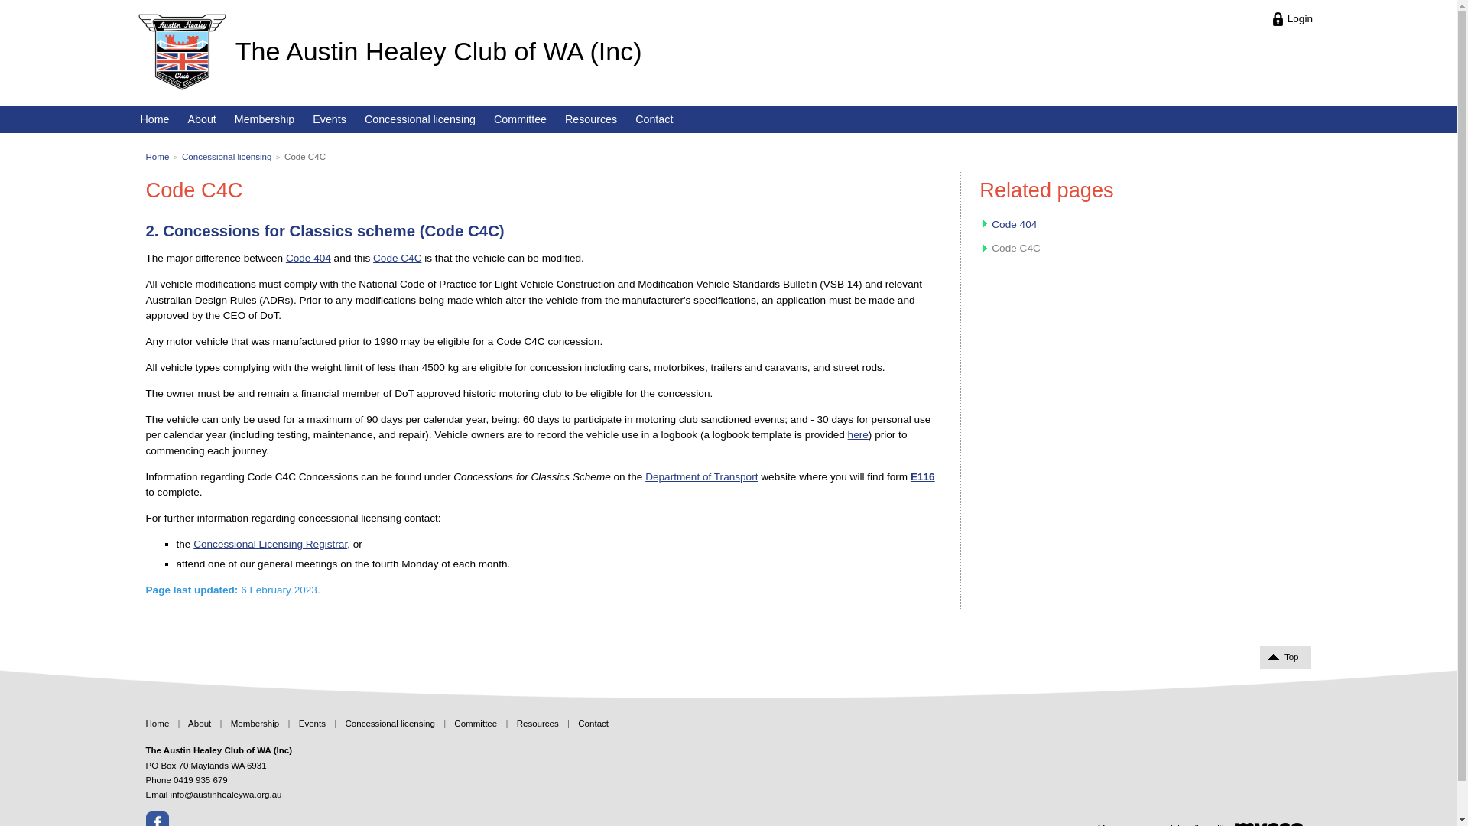  I want to click on 'Department of Transport', so click(700, 476).